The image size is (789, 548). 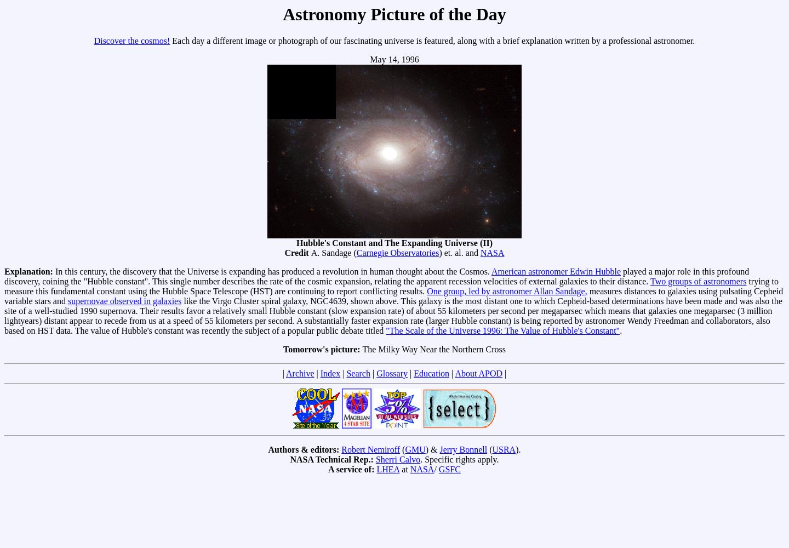 What do you see at coordinates (328, 469) in the screenshot?
I see `'A service of:'` at bounding box center [328, 469].